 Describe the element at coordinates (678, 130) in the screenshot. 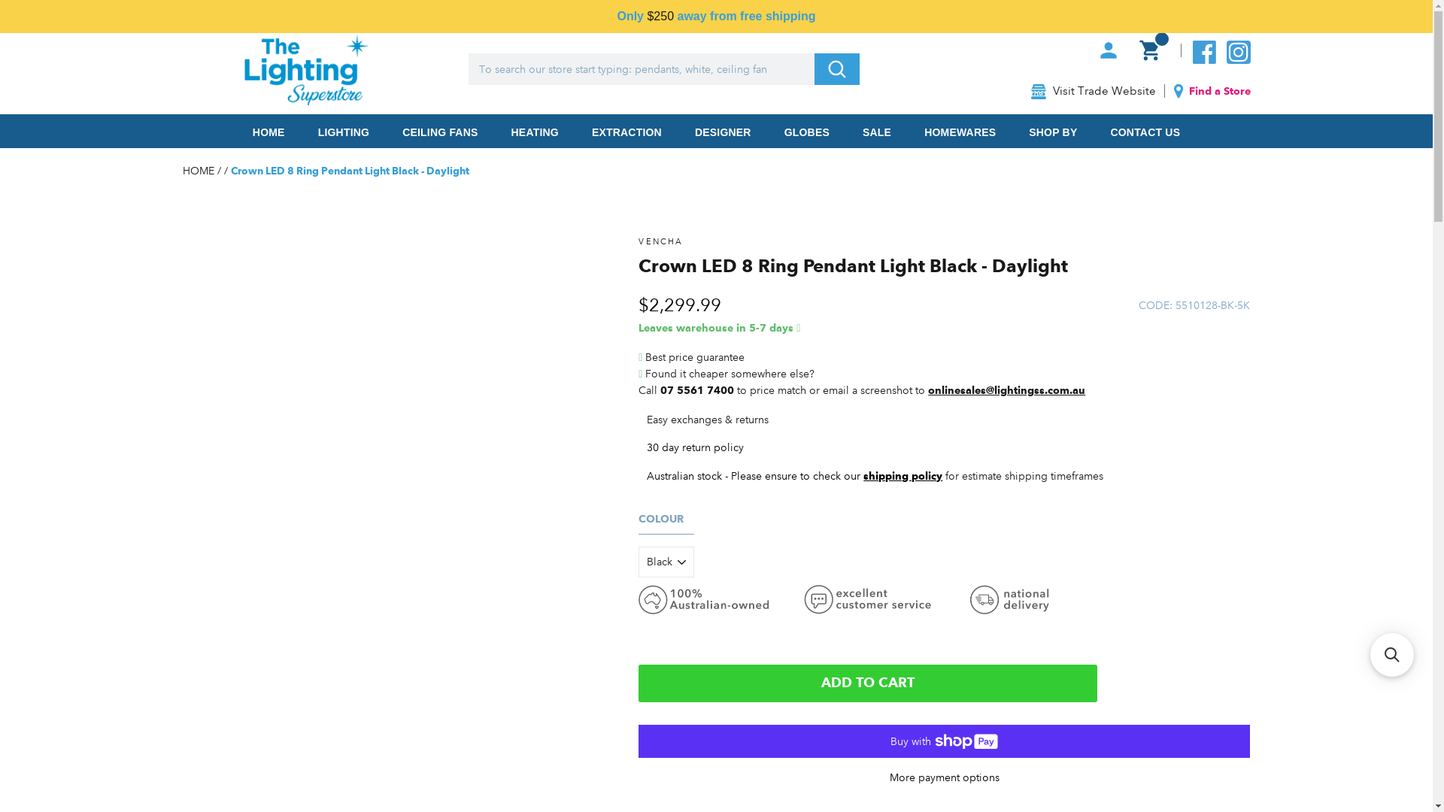

I see `'DESIGNER'` at that location.